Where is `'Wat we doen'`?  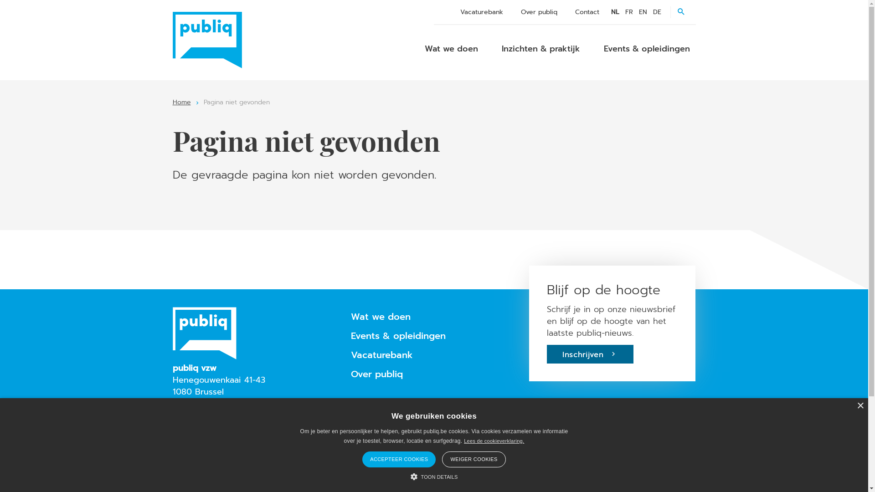
'Wat we doen' is located at coordinates (451, 49).